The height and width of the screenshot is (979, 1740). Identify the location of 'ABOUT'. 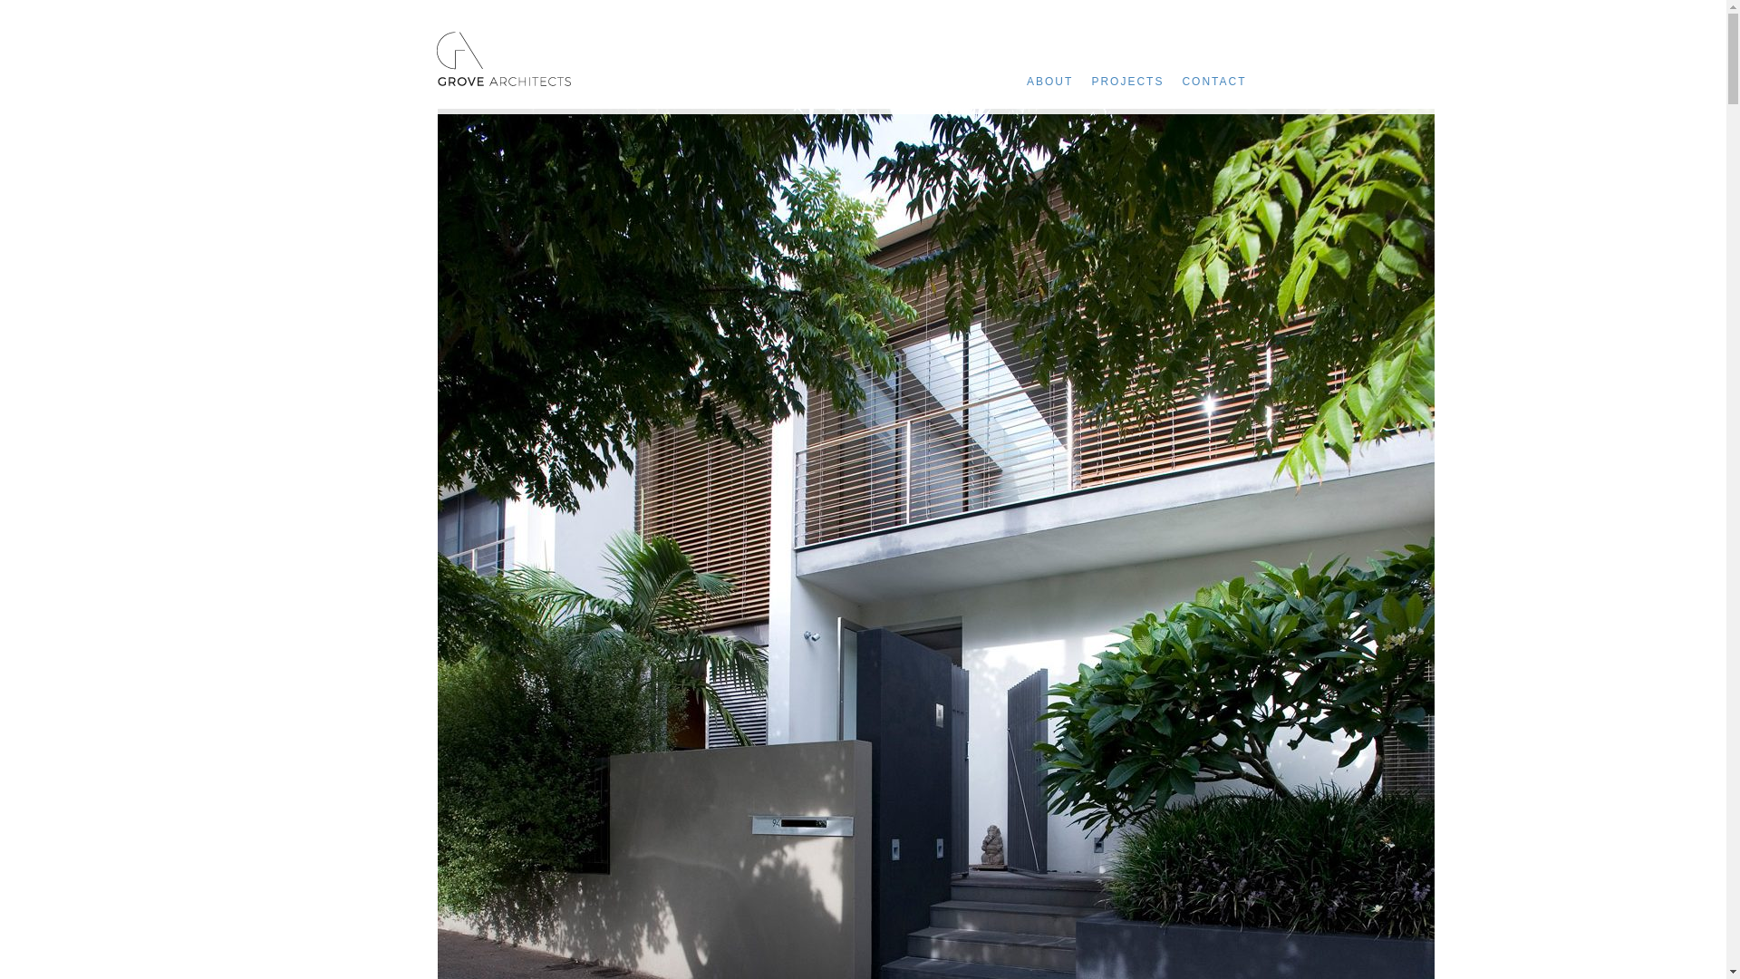
(1026, 80).